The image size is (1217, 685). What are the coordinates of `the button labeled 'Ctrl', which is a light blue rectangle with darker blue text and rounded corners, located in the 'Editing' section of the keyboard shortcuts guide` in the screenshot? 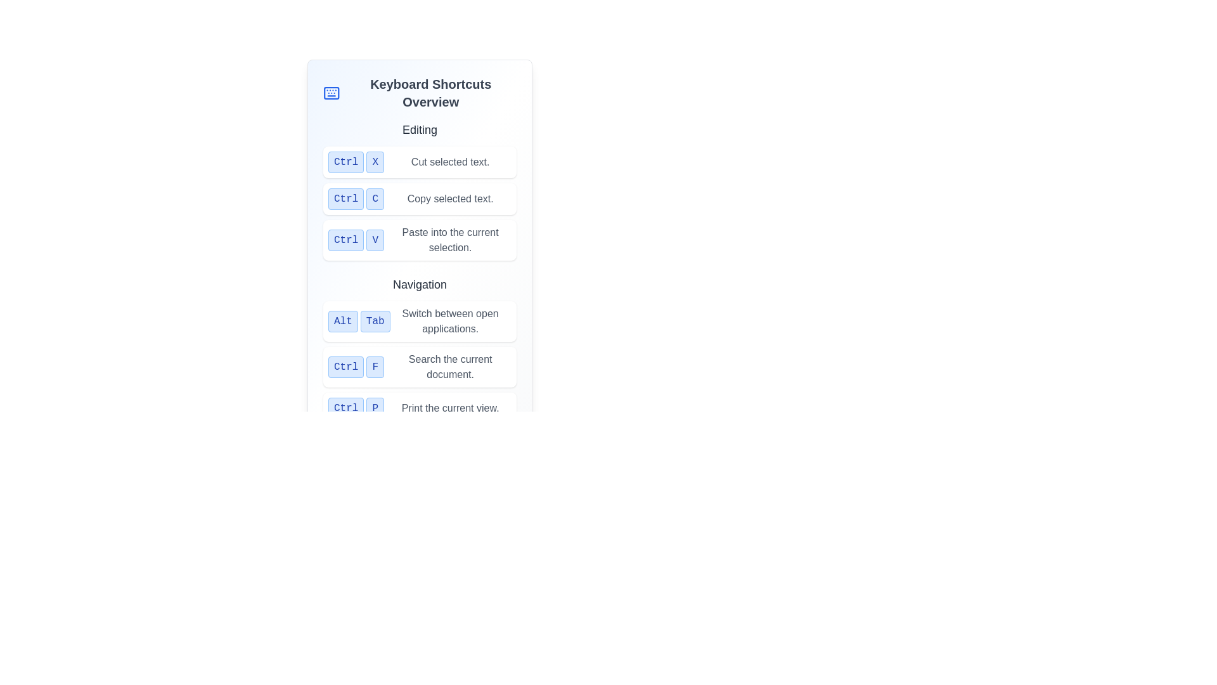 It's located at (346, 240).